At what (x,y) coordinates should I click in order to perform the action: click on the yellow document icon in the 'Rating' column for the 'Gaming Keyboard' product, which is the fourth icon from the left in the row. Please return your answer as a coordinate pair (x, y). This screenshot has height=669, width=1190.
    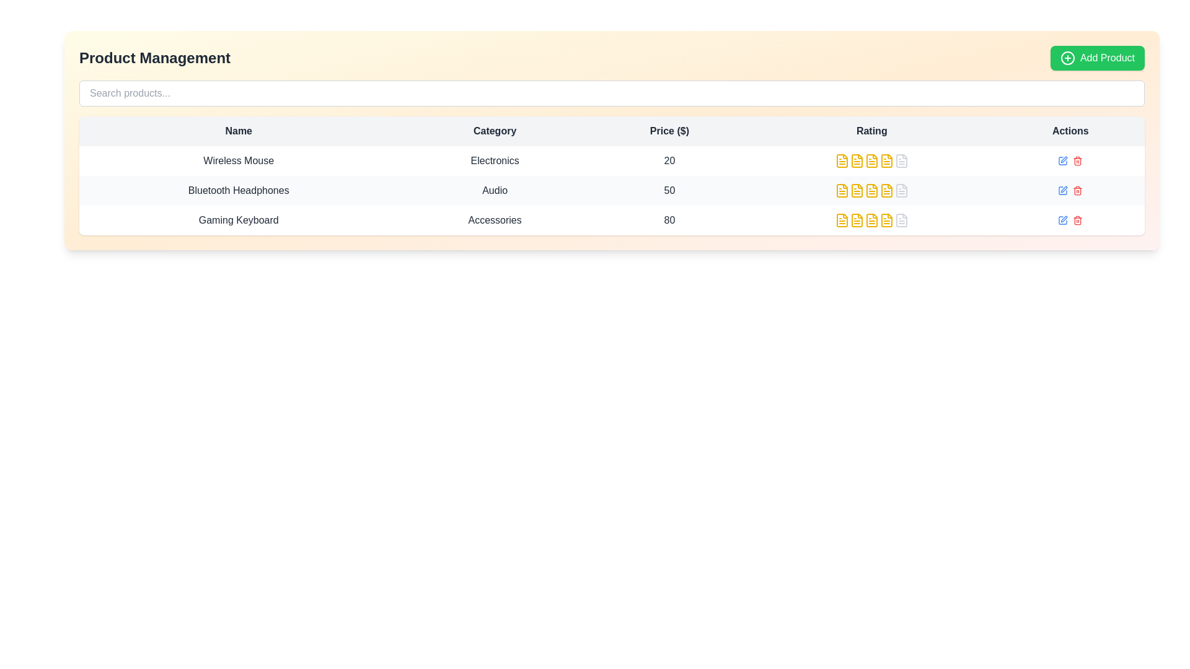
    Looking at the image, I should click on (871, 219).